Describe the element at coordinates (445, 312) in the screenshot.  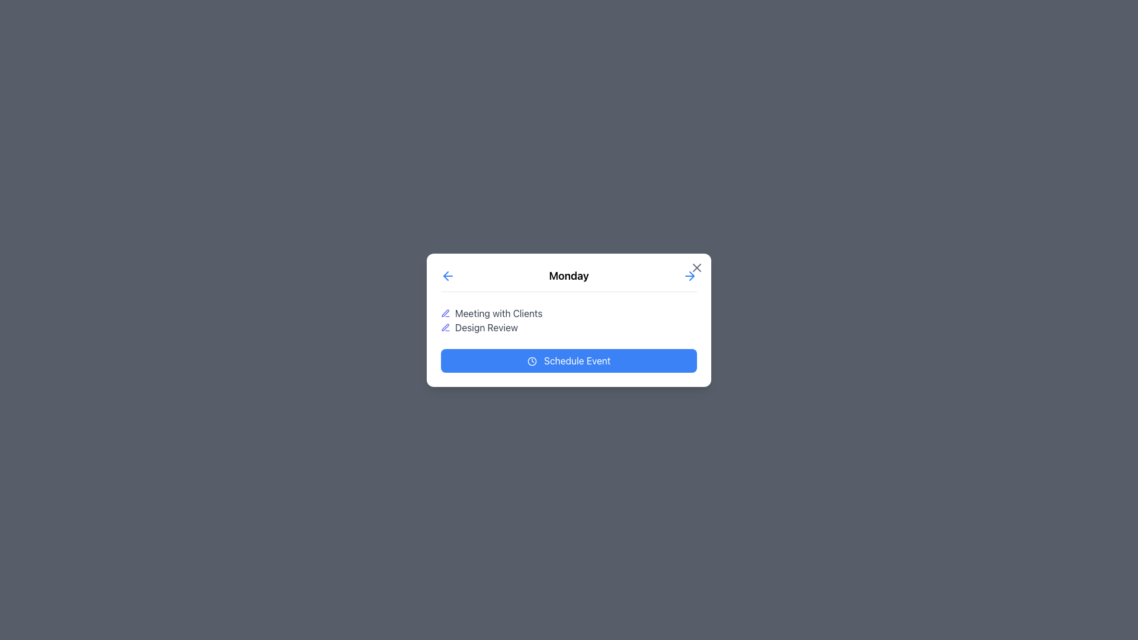
I see `the edit button located to the left of the 'Meeting with Clients' text to initiate the edit action` at that location.